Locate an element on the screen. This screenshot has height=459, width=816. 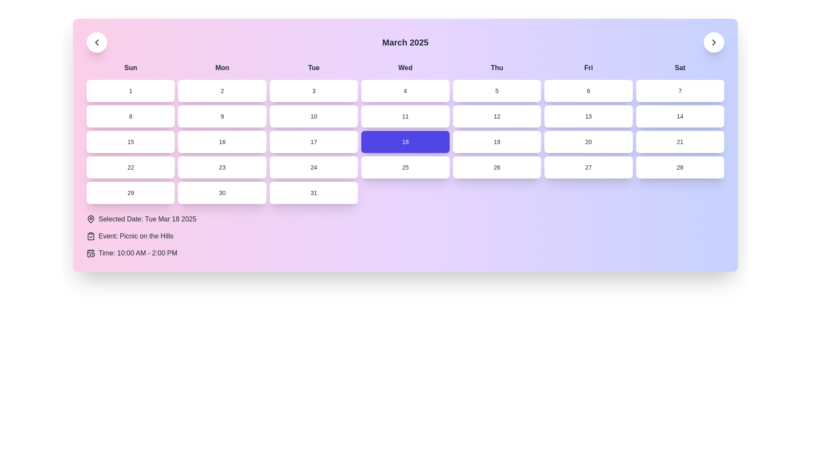
the button representing the first day of the calendar month is located at coordinates (130, 91).